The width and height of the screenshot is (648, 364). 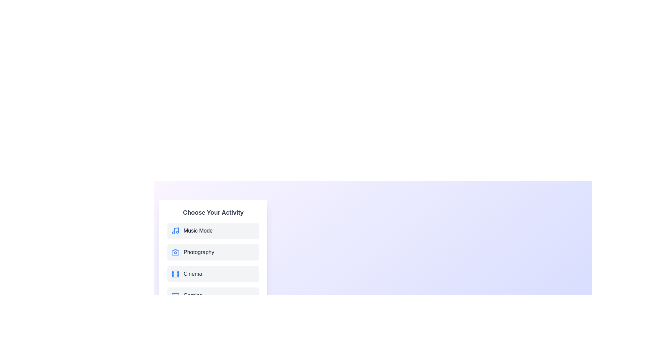 What do you see at coordinates (213, 295) in the screenshot?
I see `the menu item labeled Gaming to observe its hover effect` at bounding box center [213, 295].